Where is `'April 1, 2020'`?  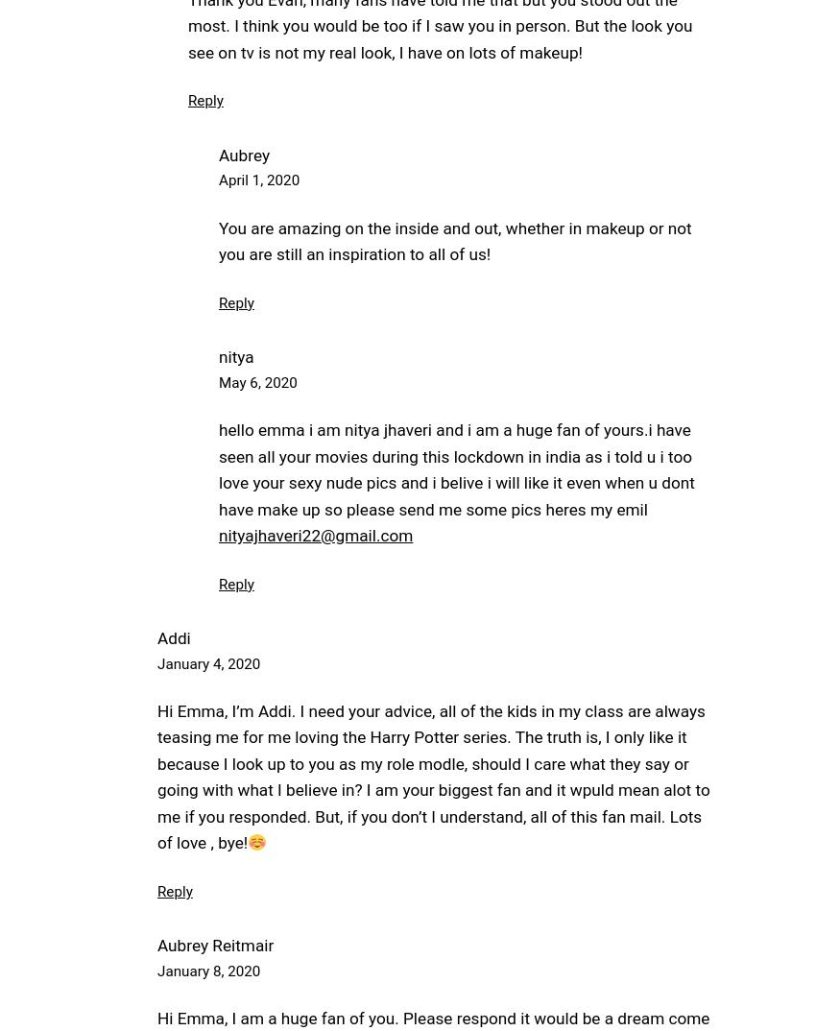
'April 1, 2020' is located at coordinates (257, 180).